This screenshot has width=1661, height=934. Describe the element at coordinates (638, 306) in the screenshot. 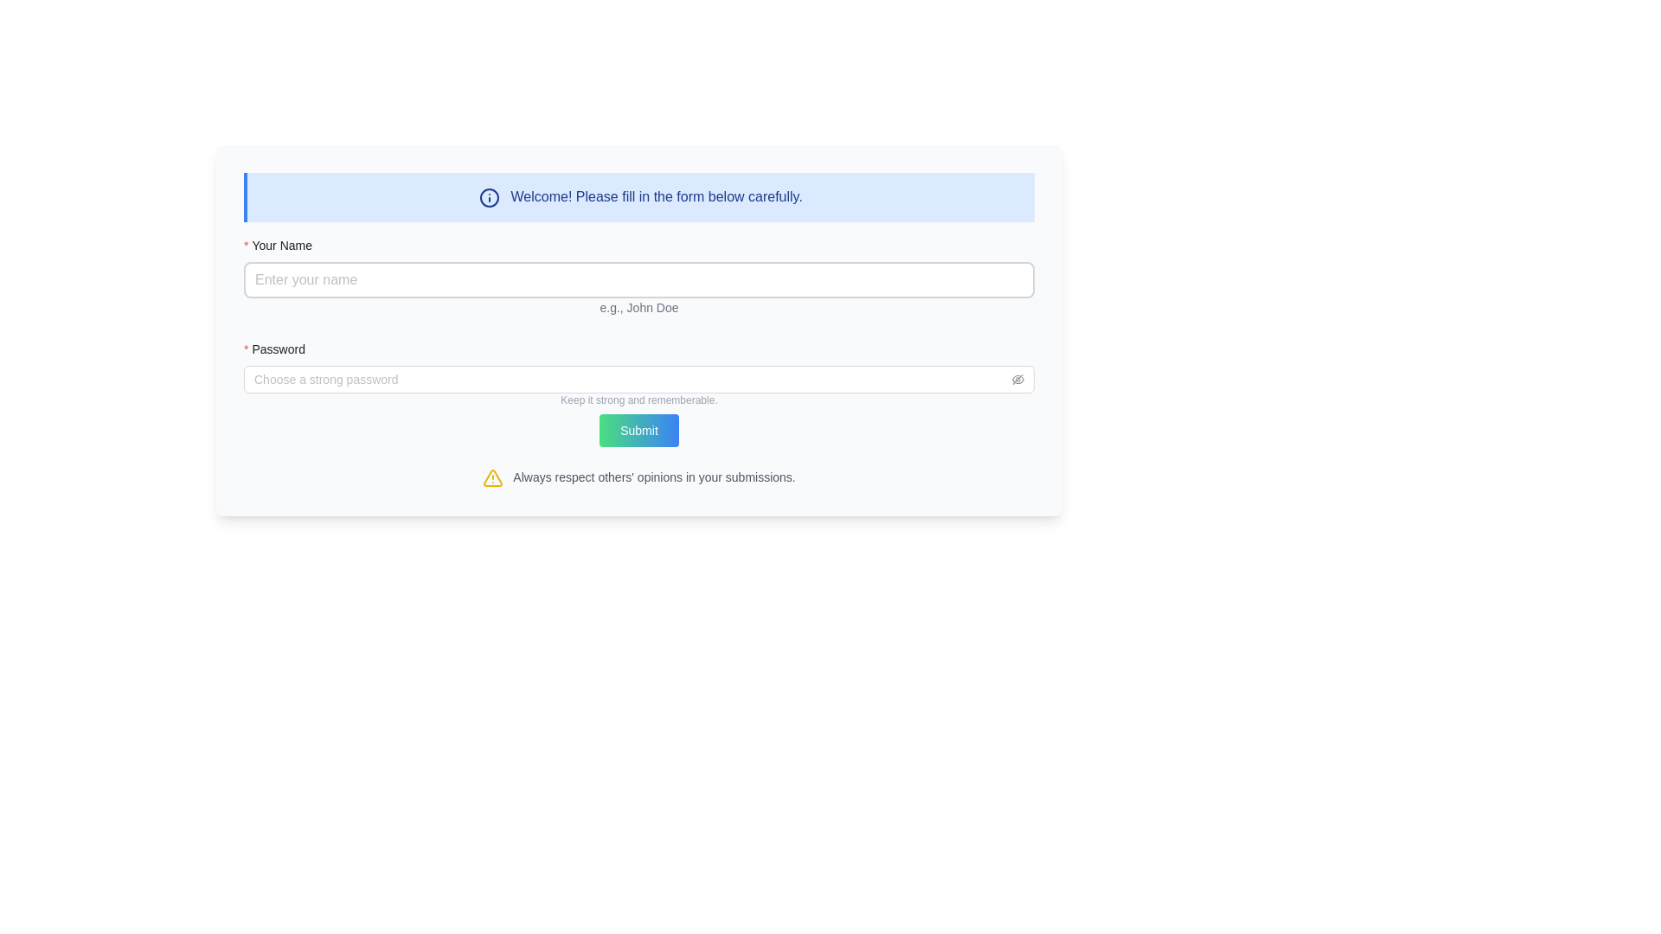

I see `the placeholder text 'e.g., John Doe' located directly below the input field labeled 'Your Name', which is styled with a subtle gray font` at that location.